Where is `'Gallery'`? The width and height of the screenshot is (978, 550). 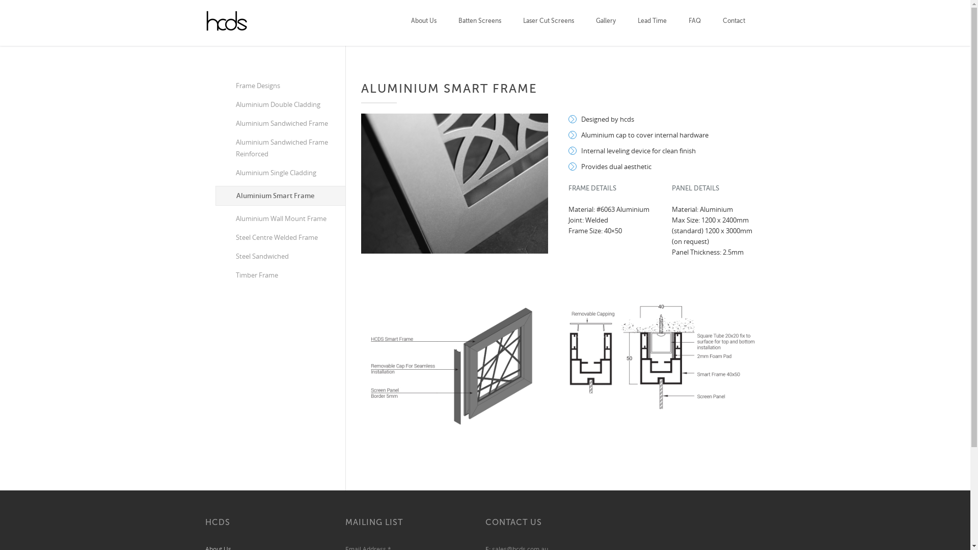 'Gallery' is located at coordinates (606, 23).